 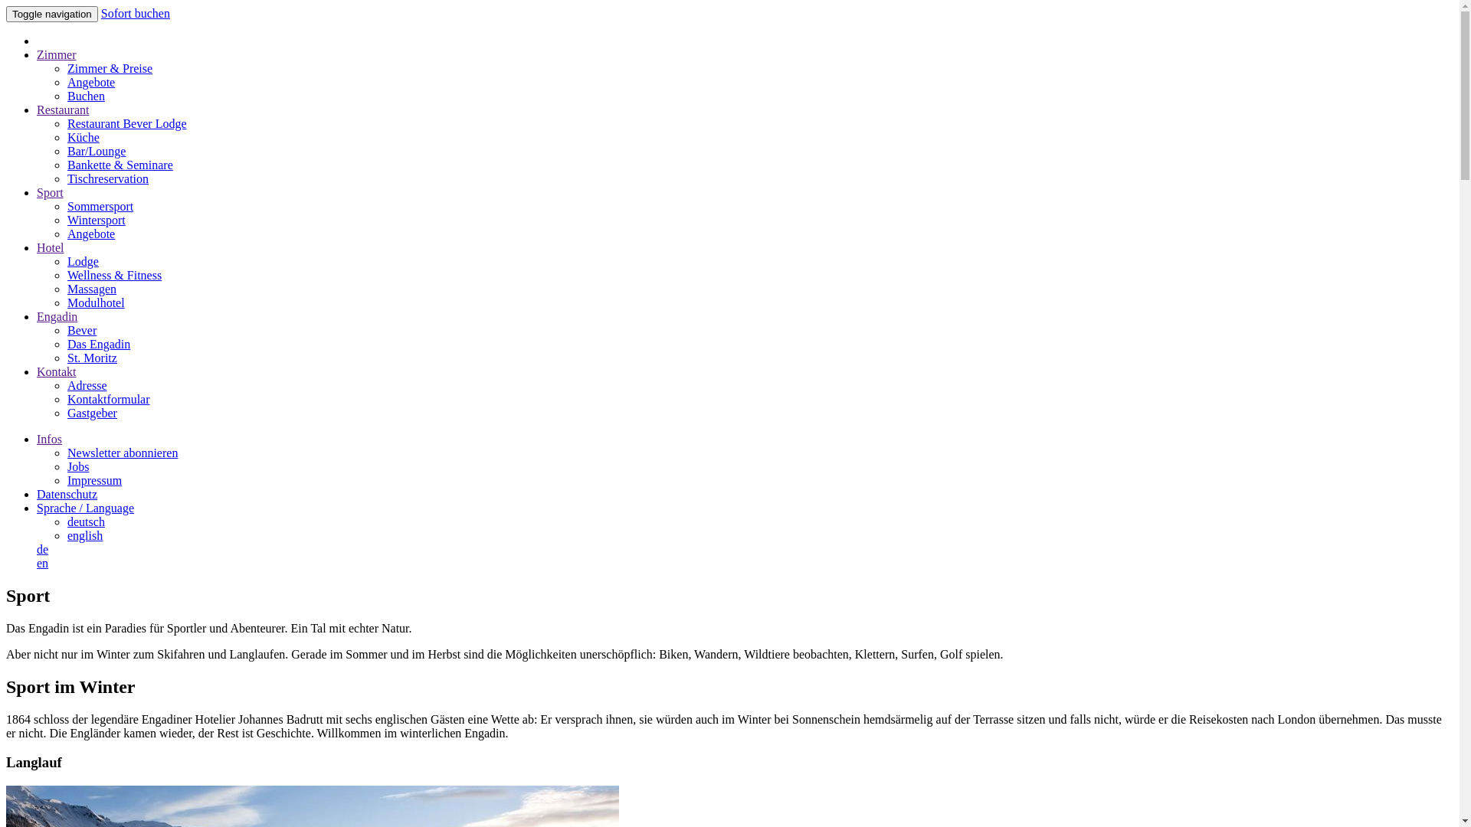 I want to click on 'Toggle navigation', so click(x=6, y=14).